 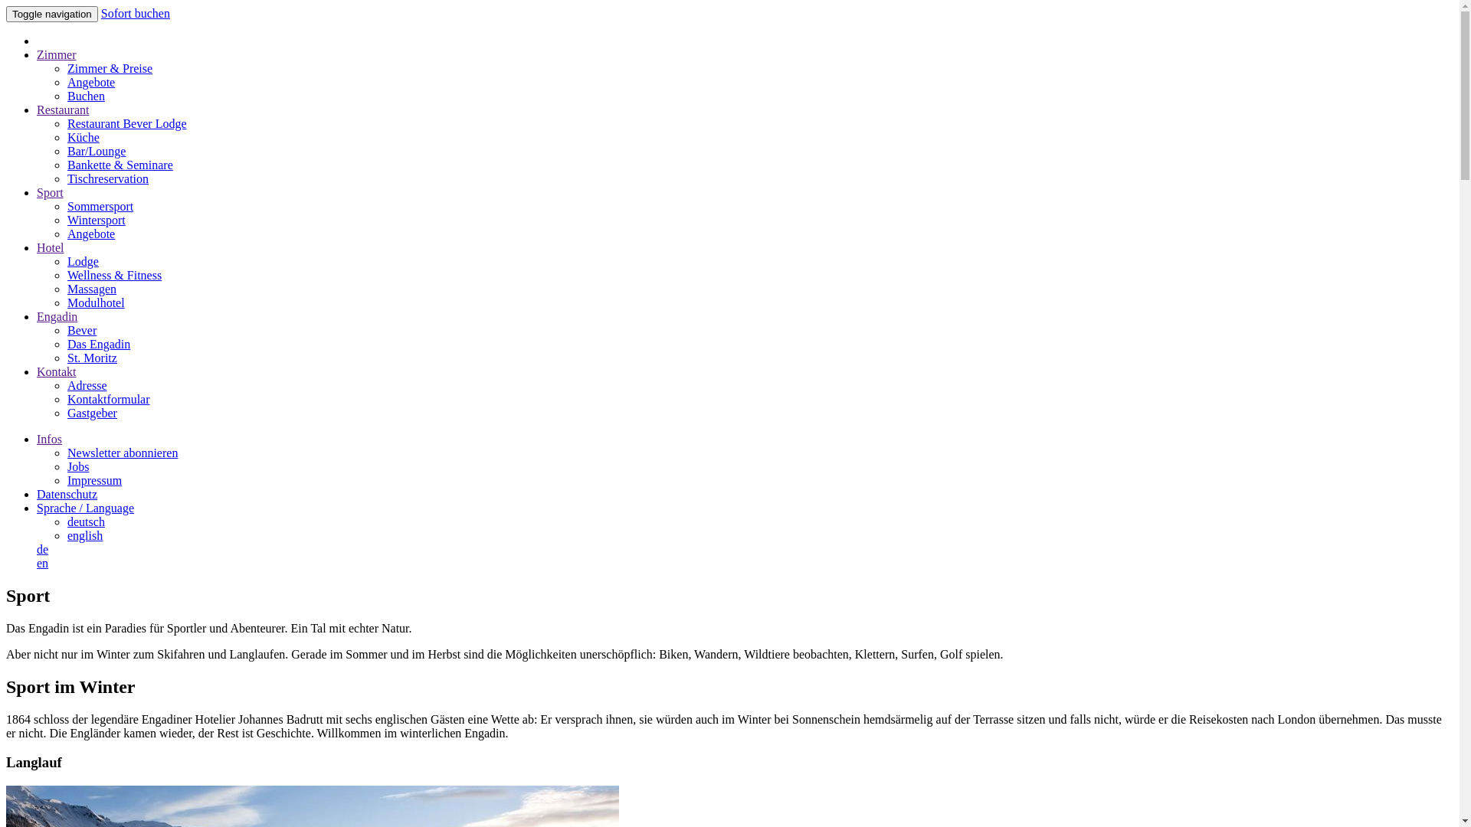 I want to click on 'Toggle navigation', so click(x=6, y=14).